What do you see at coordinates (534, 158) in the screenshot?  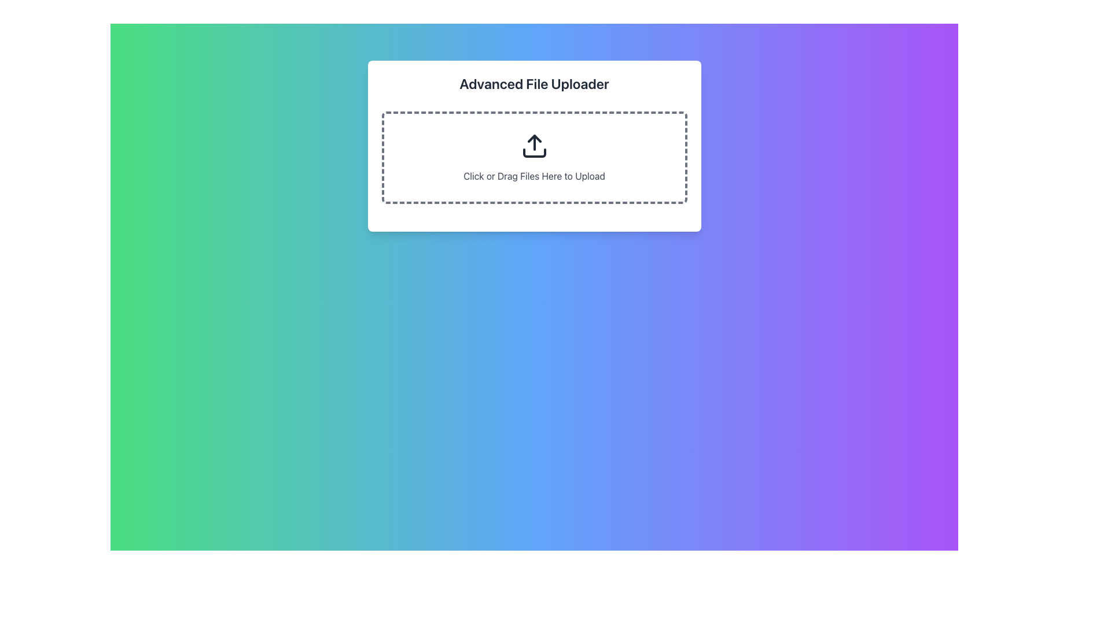 I see `the File Upload Zone located below the title 'Advanced File Uploader'` at bounding box center [534, 158].